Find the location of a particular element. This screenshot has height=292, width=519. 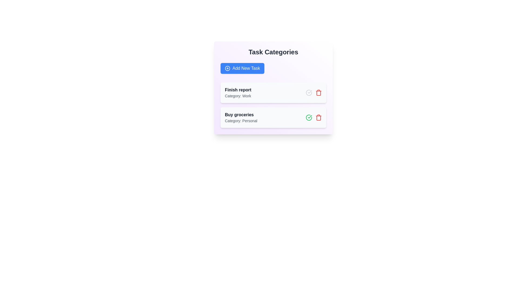

the trash icon corresponding to the task 'Finish report' to delete it is located at coordinates (319, 92).